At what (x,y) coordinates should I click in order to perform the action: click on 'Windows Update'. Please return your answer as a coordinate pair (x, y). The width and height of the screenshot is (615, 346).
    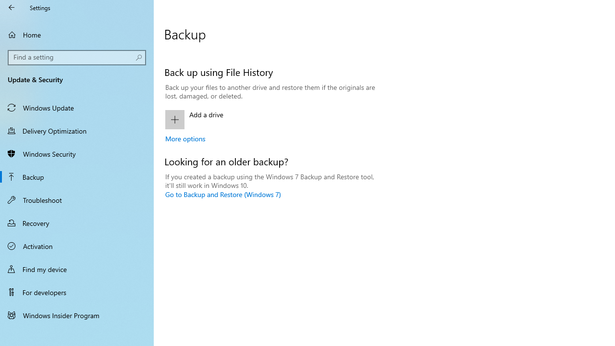
    Looking at the image, I should click on (77, 107).